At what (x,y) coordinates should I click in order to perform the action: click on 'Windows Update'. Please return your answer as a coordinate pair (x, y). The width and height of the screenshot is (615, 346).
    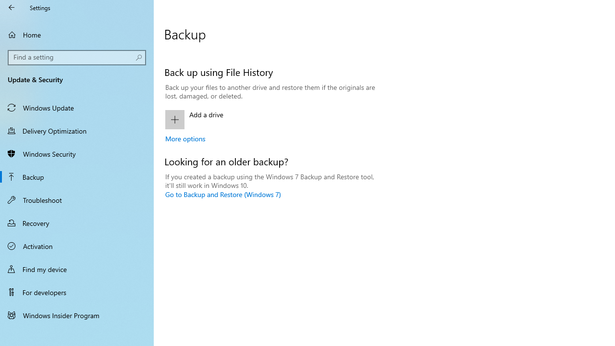
    Looking at the image, I should click on (77, 107).